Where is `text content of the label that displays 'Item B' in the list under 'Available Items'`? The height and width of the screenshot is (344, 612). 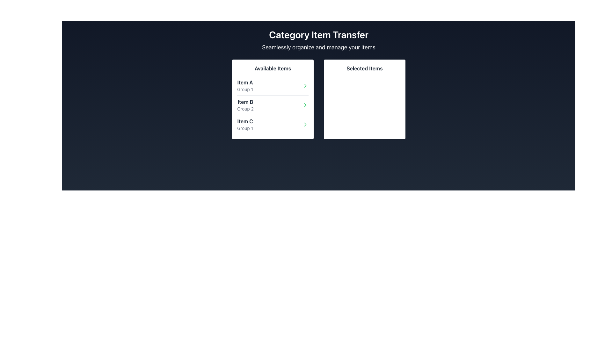
text content of the label that displays 'Item B' in the list under 'Available Items' is located at coordinates (245, 102).